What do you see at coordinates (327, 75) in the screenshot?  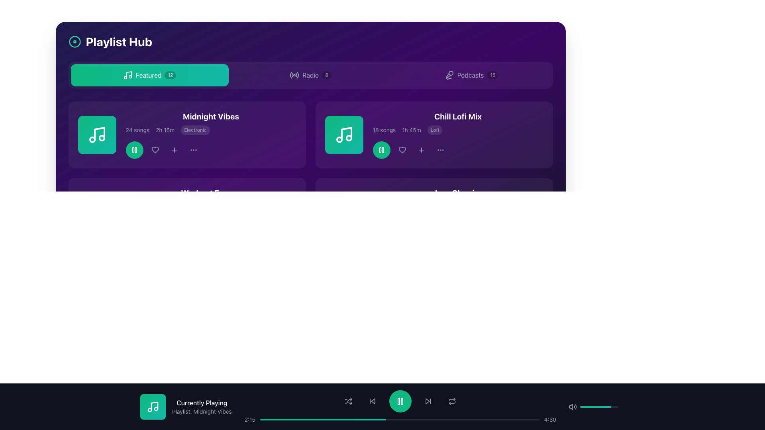 I see `the circular badge displaying the number '8' with a light black, semi-transparent background, located to the right of the 'Radio' label` at bounding box center [327, 75].